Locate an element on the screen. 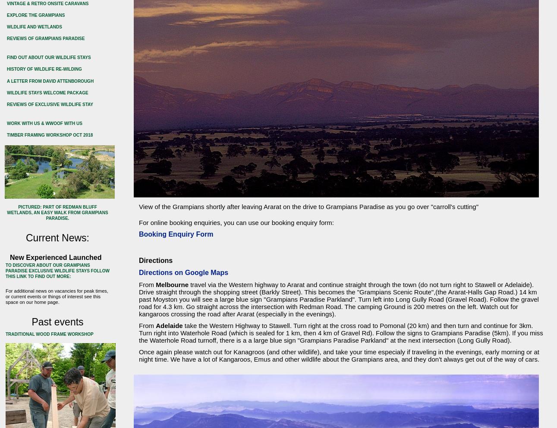 The width and height of the screenshot is (557, 428). 'Wildlife Stays Welcome Package' is located at coordinates (47, 92).